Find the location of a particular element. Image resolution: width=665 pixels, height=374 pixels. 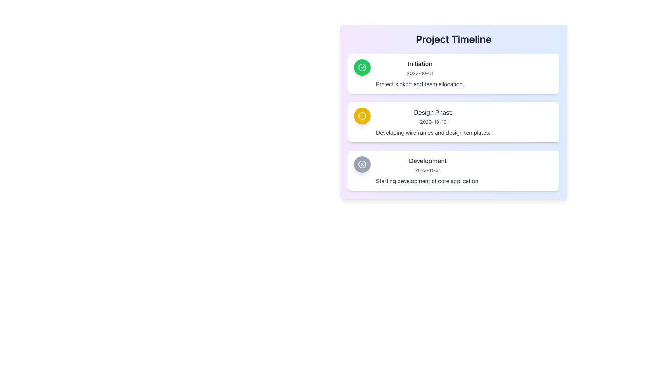

the completion icon in the 'Initiation' section of the 'Project Timeline', which indicates the success of the 'Initiation' phase is located at coordinates (362, 68).